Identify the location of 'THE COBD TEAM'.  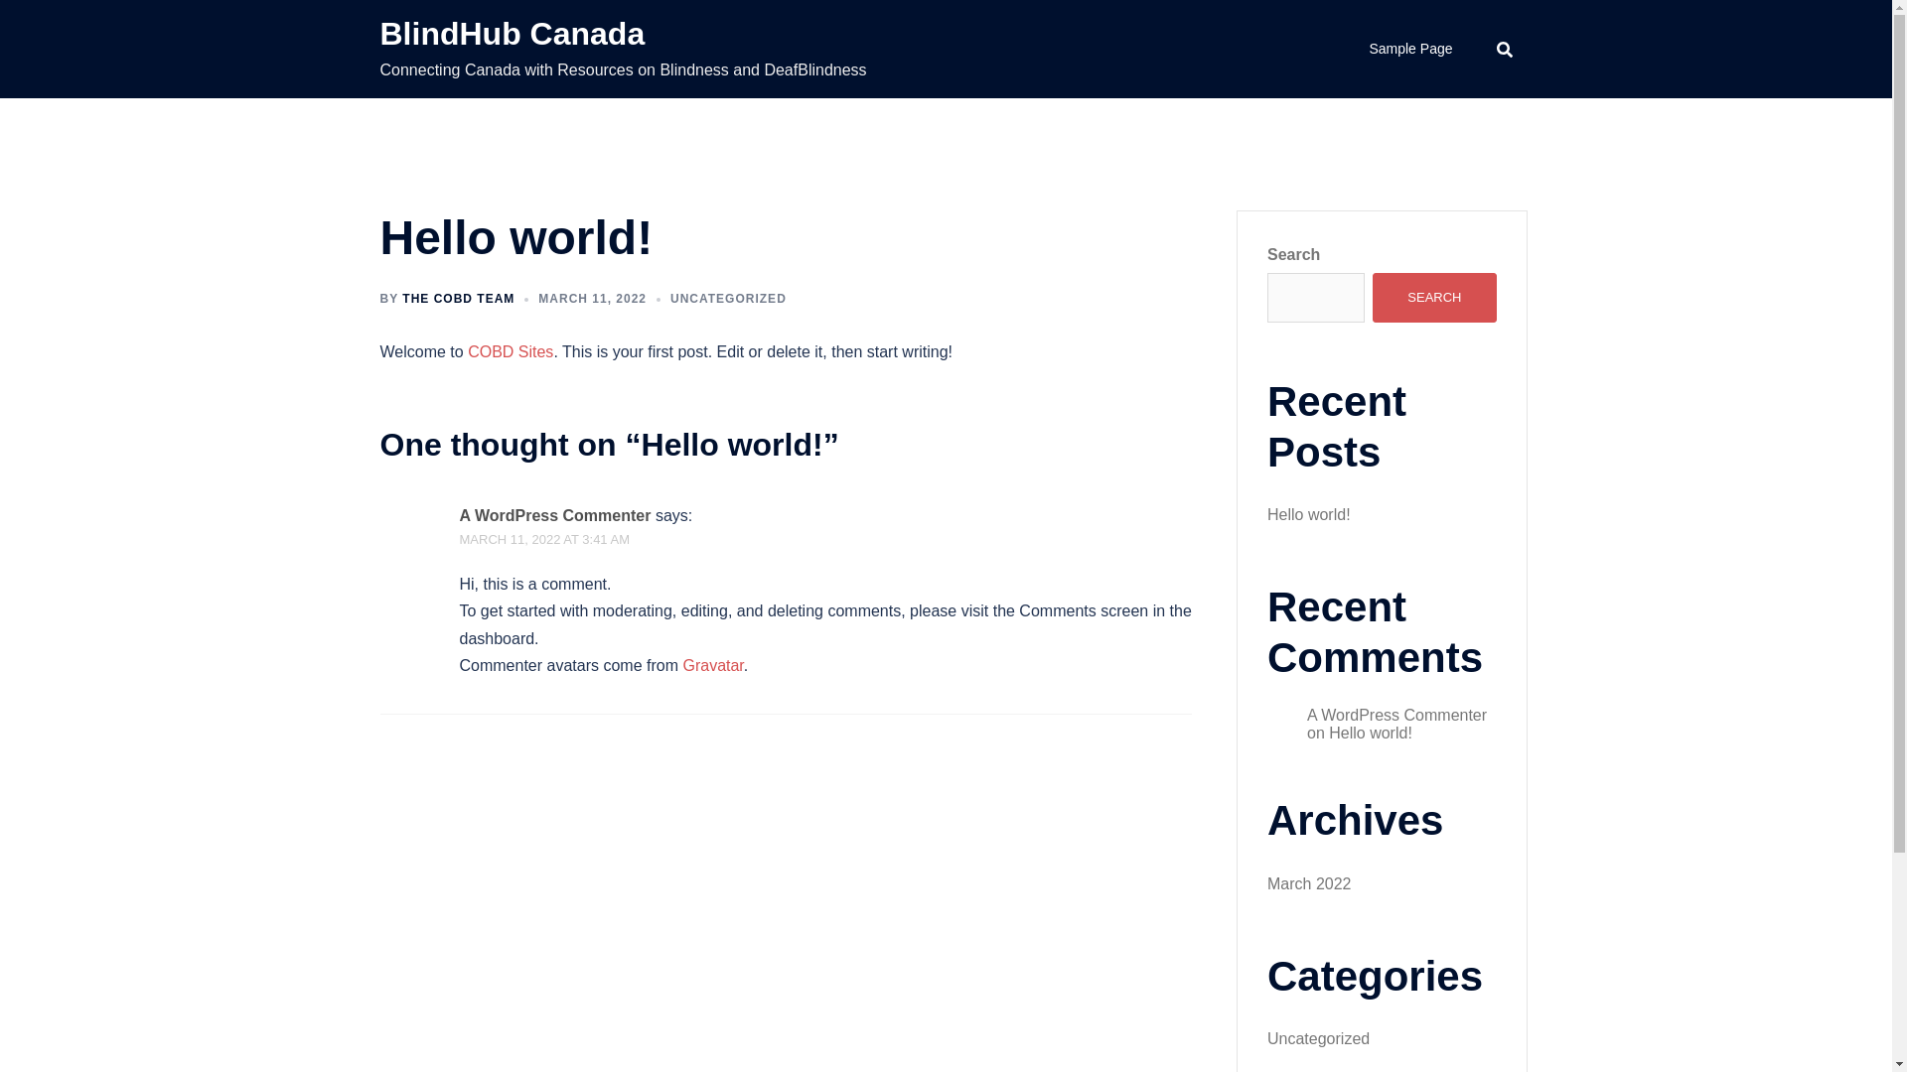
(457, 298).